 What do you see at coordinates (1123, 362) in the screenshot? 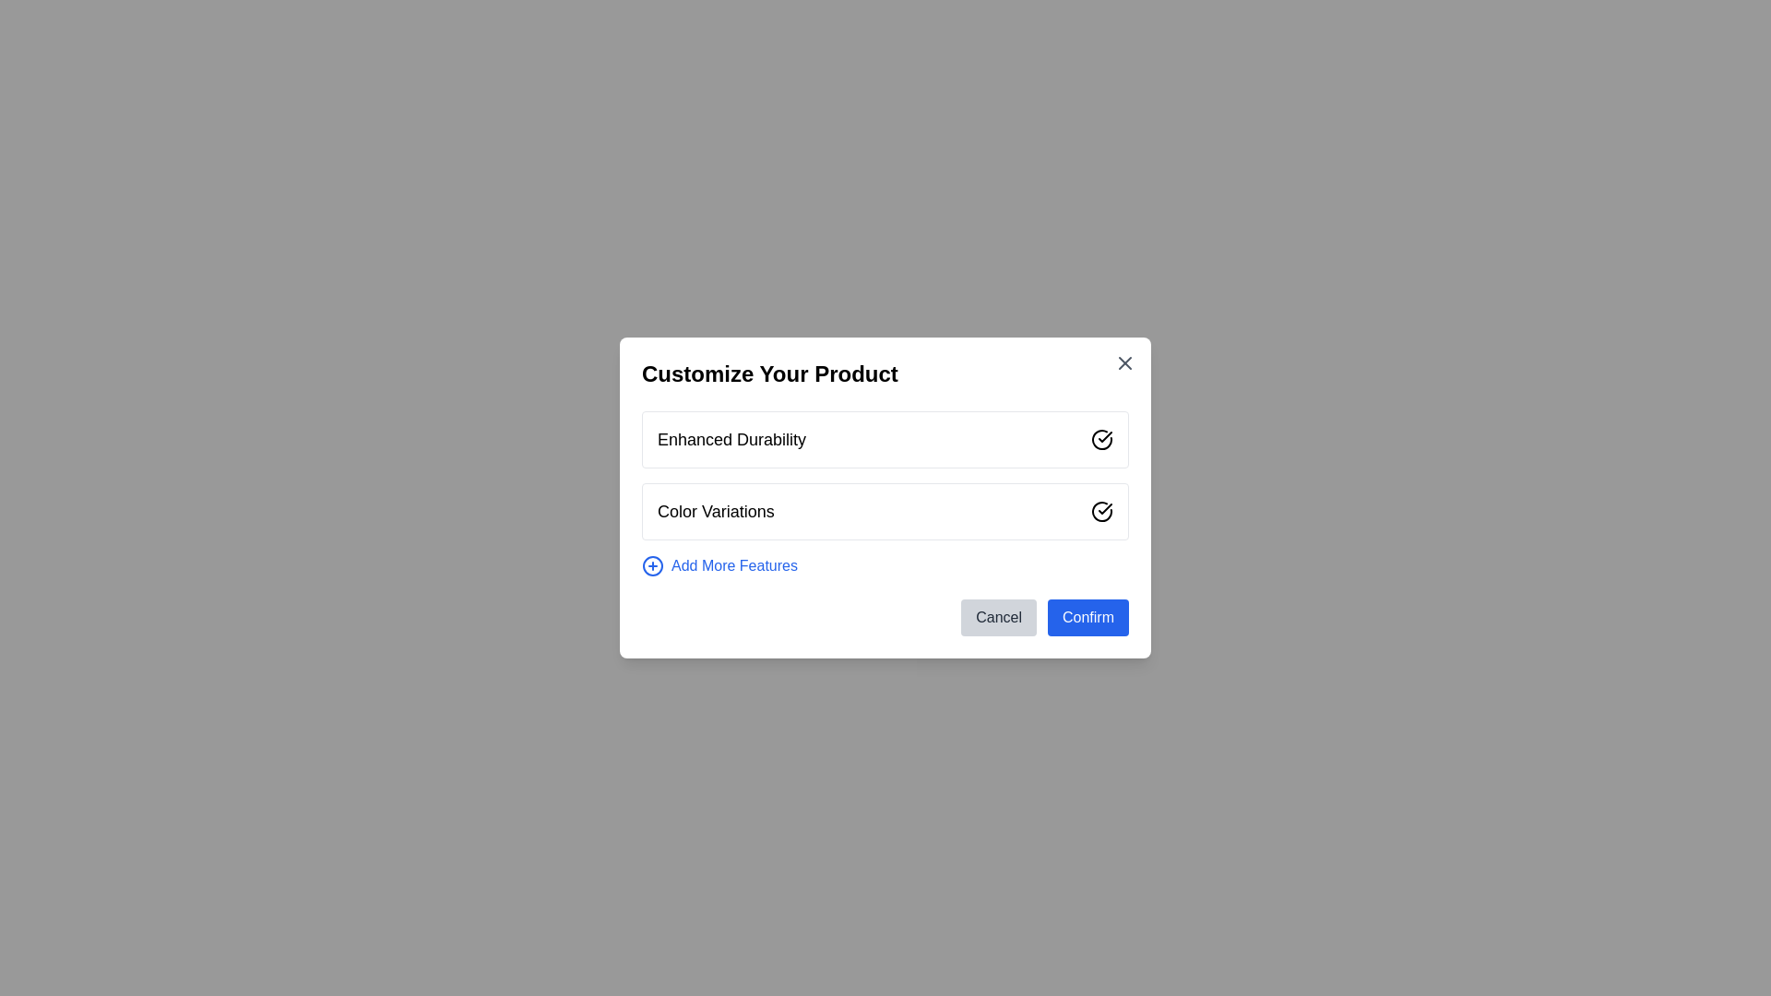
I see `the close button located in the top-right corner of the modal dialog titled 'Customize Your Product'` at bounding box center [1123, 362].